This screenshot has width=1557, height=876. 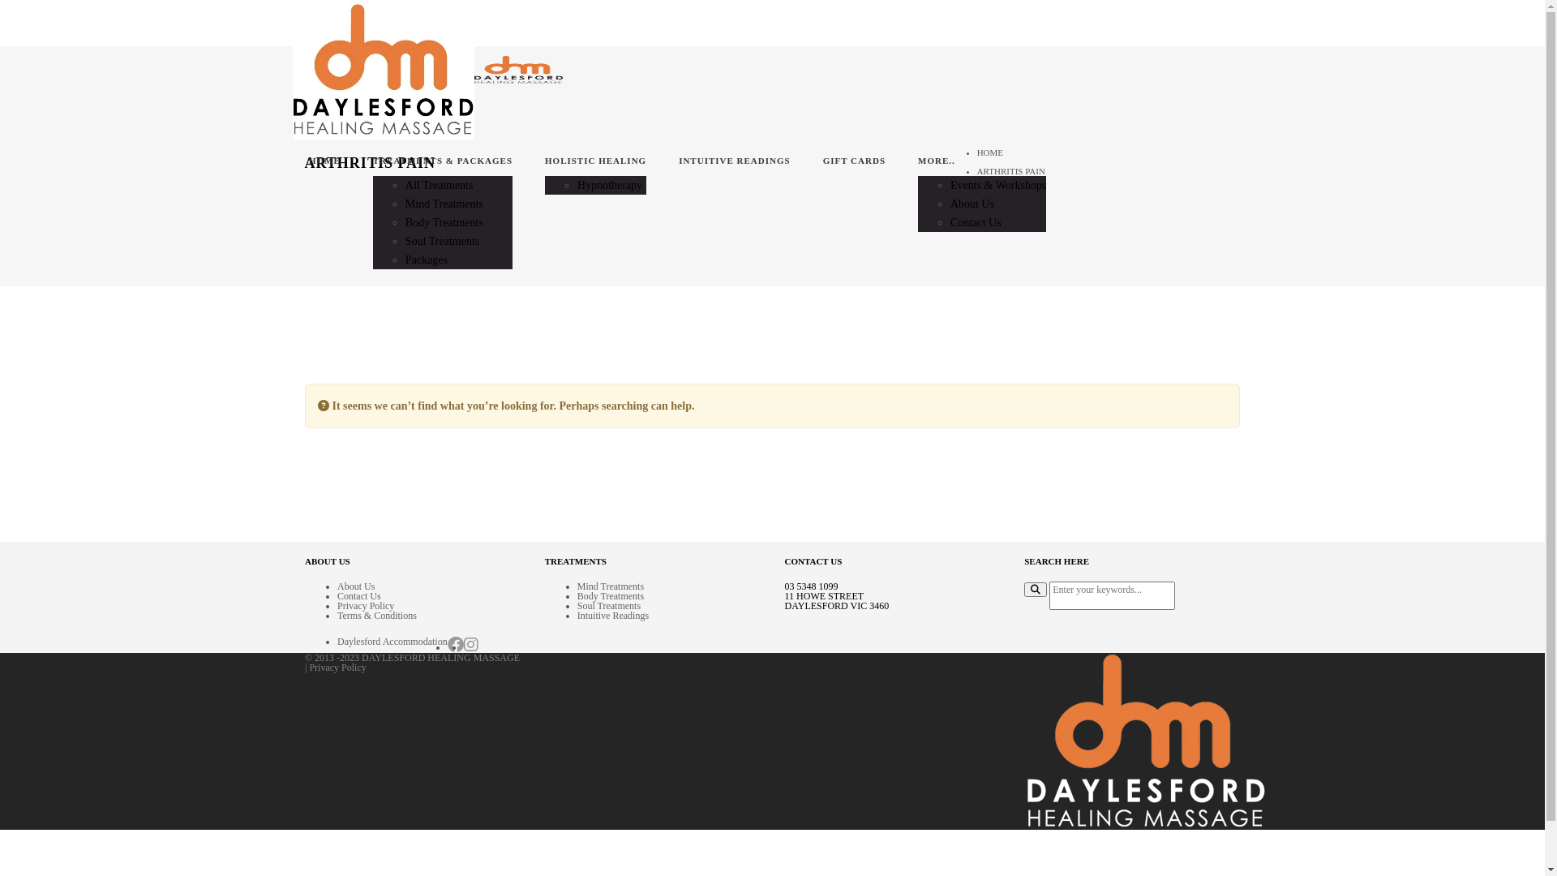 I want to click on 'Contact Us', so click(x=337, y=596).